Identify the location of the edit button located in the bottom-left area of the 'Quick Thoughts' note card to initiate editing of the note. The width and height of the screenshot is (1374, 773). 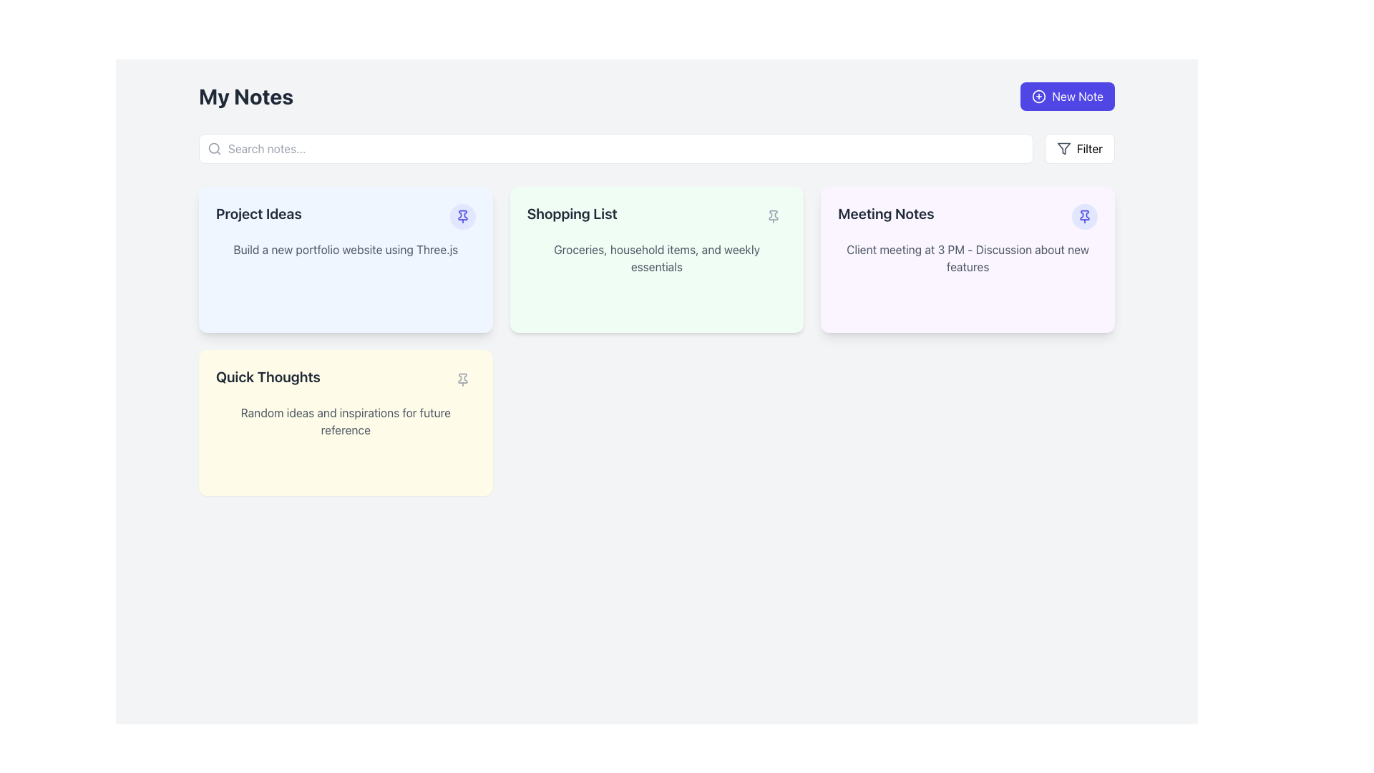
(434, 467).